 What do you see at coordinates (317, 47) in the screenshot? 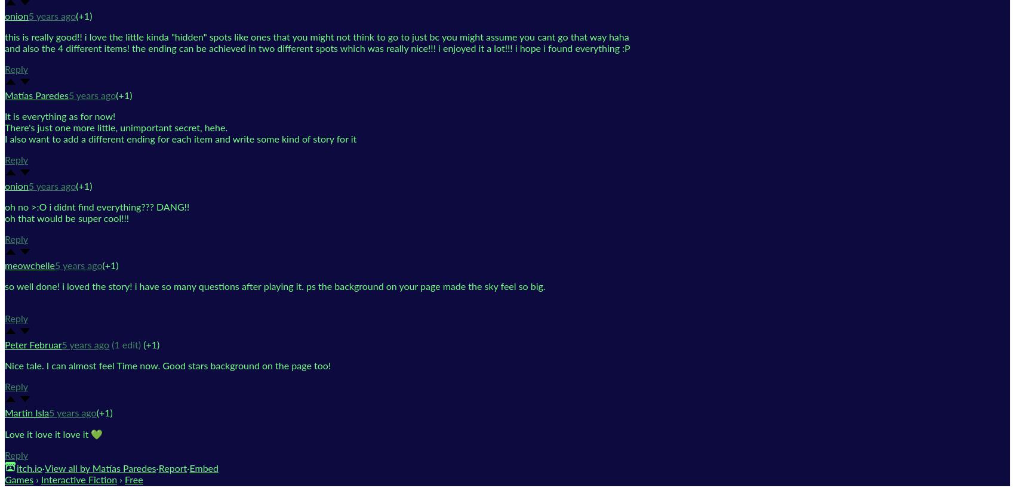
I see `'and also the 4 different items! the ending can be achieved in two different spots which was really nice!!! i enjoyed it a lot!!! i hope i found everything :P'` at bounding box center [317, 47].